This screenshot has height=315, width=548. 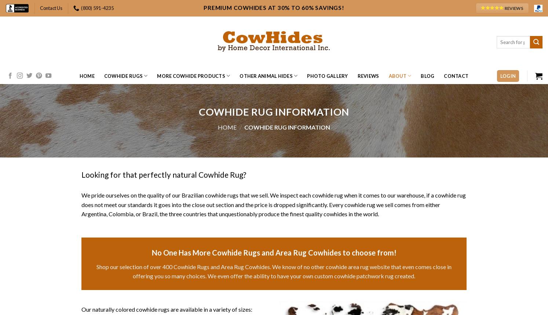 What do you see at coordinates (167, 309) in the screenshot?
I see `'Our naturally colored cowhide rugs are available in a variety of sizes:'` at bounding box center [167, 309].